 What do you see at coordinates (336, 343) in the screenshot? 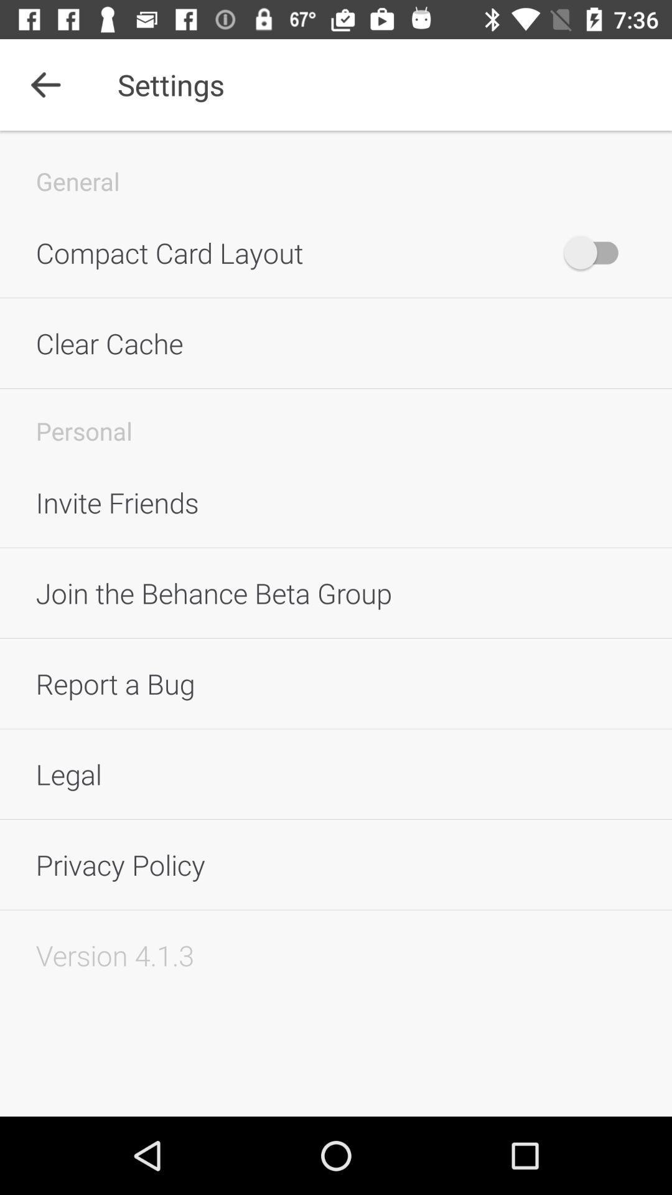
I see `the clear cache icon` at bounding box center [336, 343].